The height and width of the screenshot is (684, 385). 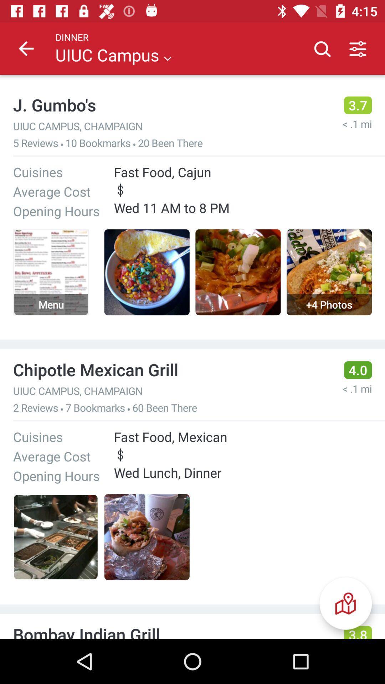 What do you see at coordinates (345, 603) in the screenshot?
I see `the icon below the $` at bounding box center [345, 603].